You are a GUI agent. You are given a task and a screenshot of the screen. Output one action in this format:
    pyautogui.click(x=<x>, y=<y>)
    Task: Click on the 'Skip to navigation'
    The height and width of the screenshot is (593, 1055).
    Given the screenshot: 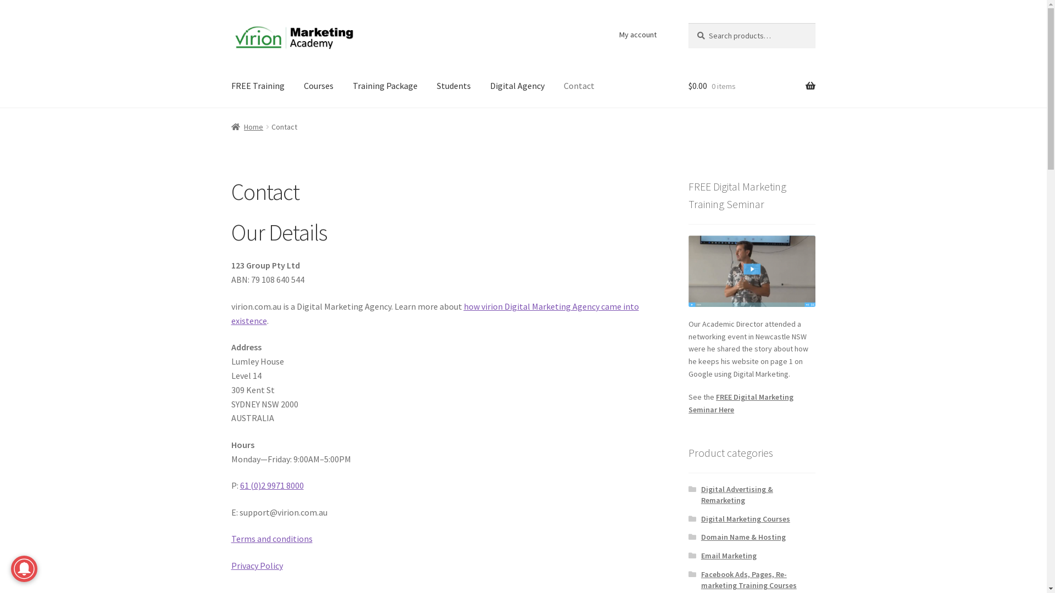 What is the action you would take?
    pyautogui.click(x=230, y=23)
    